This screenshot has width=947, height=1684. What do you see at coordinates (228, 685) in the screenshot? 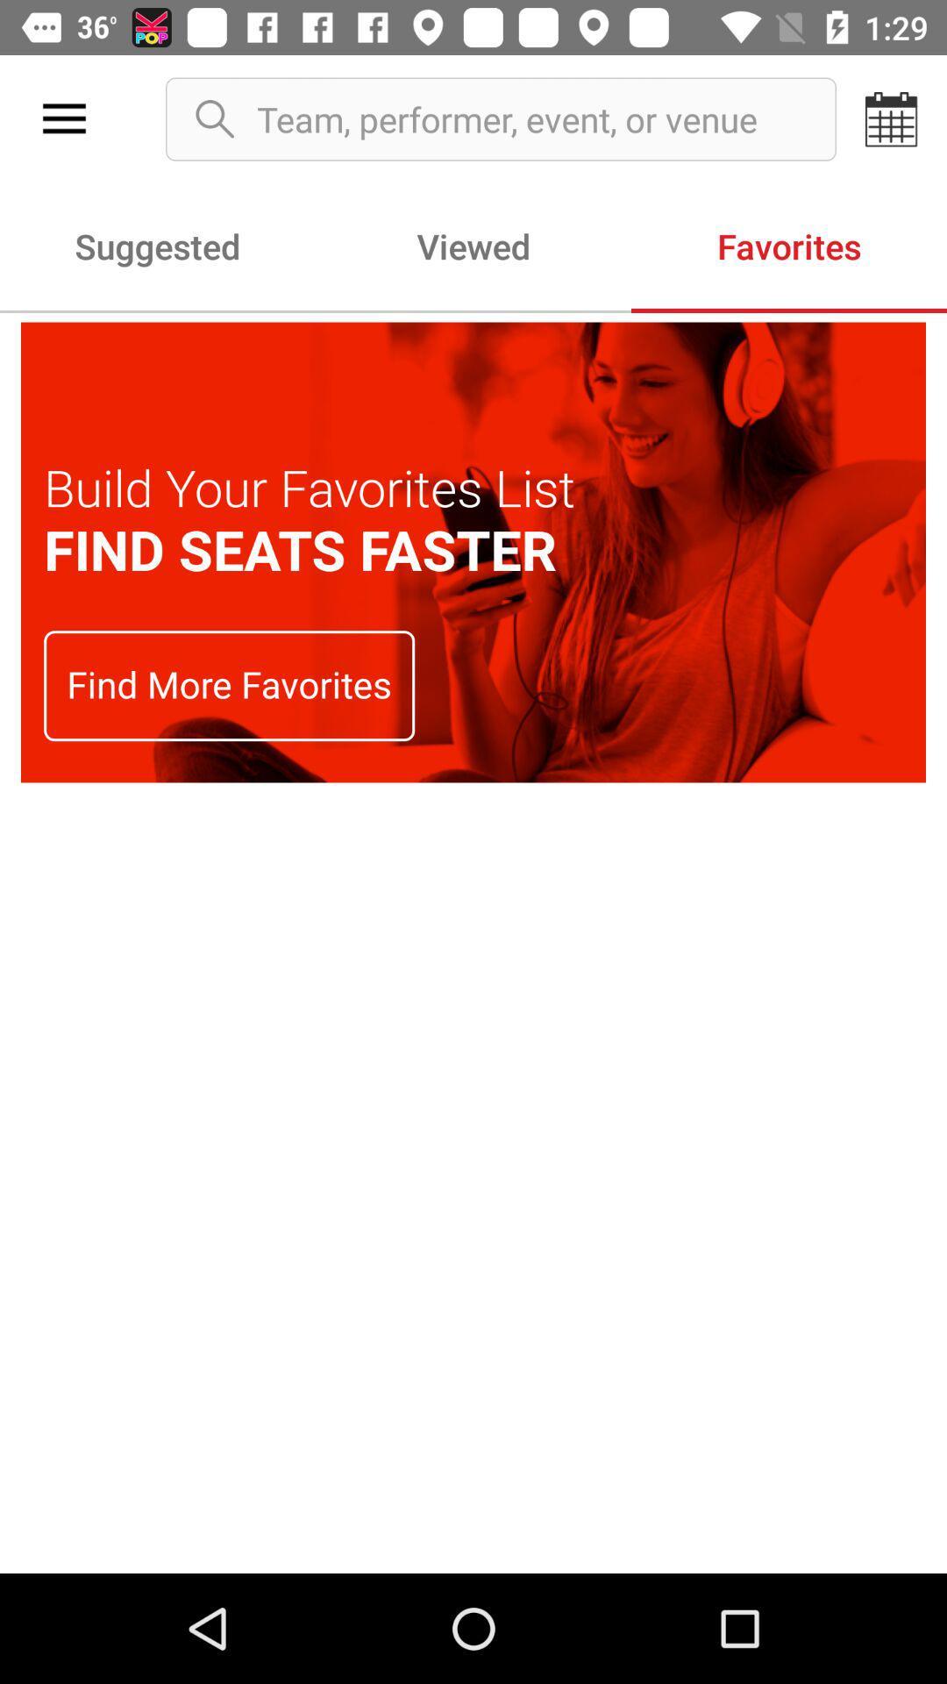
I see `find more favorites on the left` at bounding box center [228, 685].